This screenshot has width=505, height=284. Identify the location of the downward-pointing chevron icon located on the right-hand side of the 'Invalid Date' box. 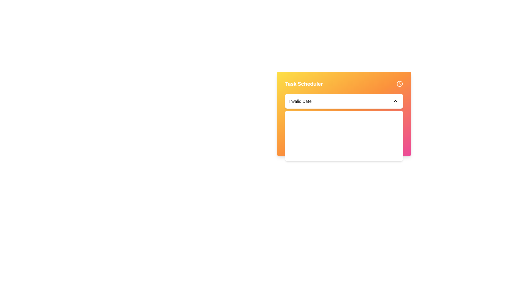
(395, 101).